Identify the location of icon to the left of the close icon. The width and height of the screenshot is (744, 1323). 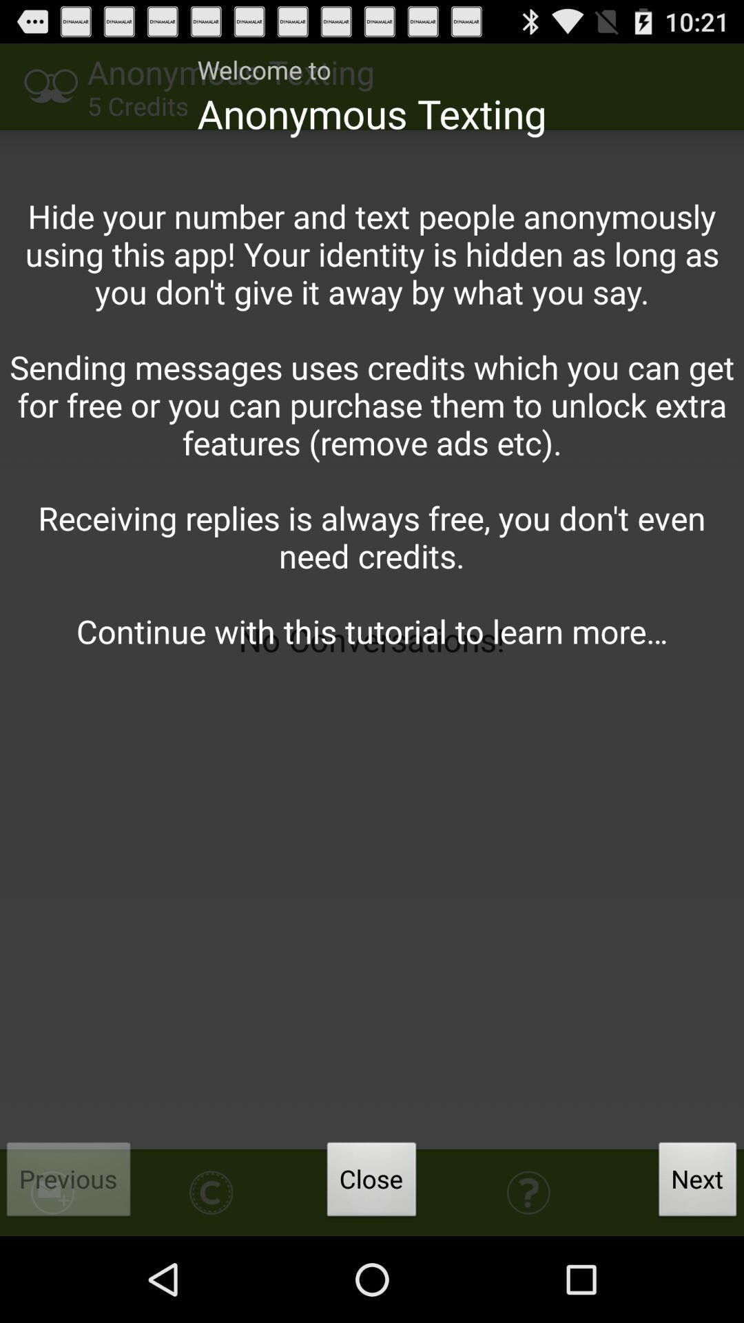
(69, 1182).